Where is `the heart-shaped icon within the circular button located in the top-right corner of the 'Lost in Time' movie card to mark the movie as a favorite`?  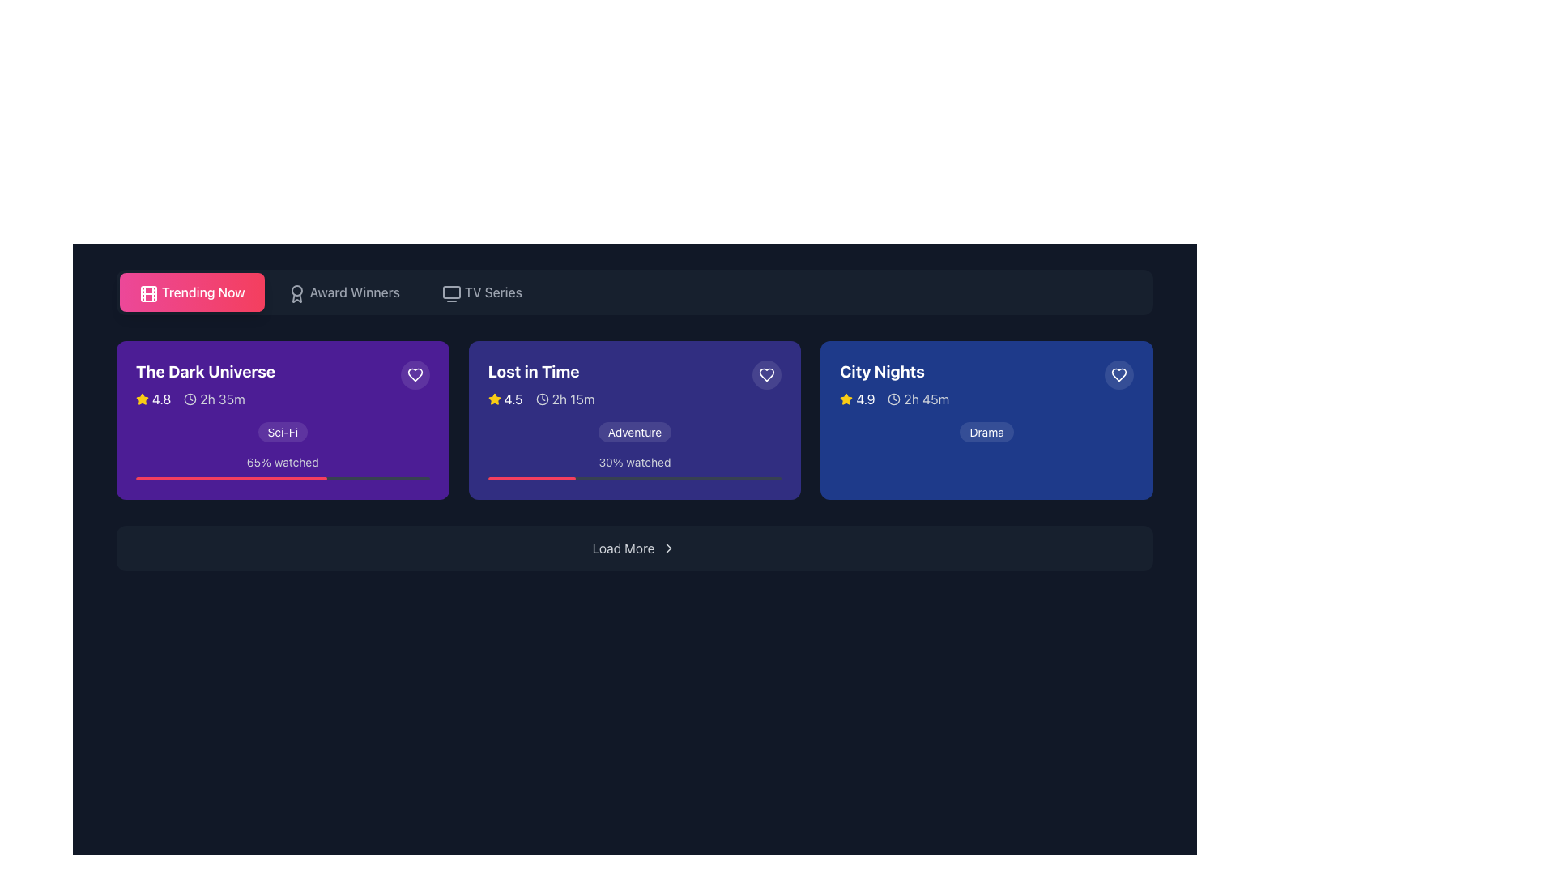
the heart-shaped icon within the circular button located in the top-right corner of the 'Lost in Time' movie card to mark the movie as a favorite is located at coordinates (766, 374).